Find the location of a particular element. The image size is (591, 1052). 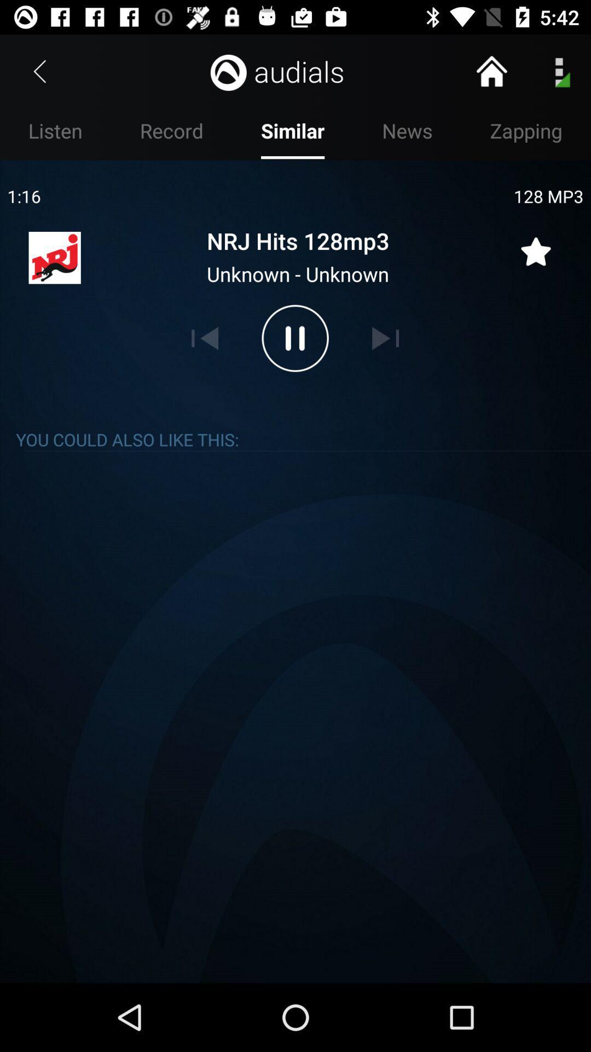

home page is located at coordinates (491, 71).